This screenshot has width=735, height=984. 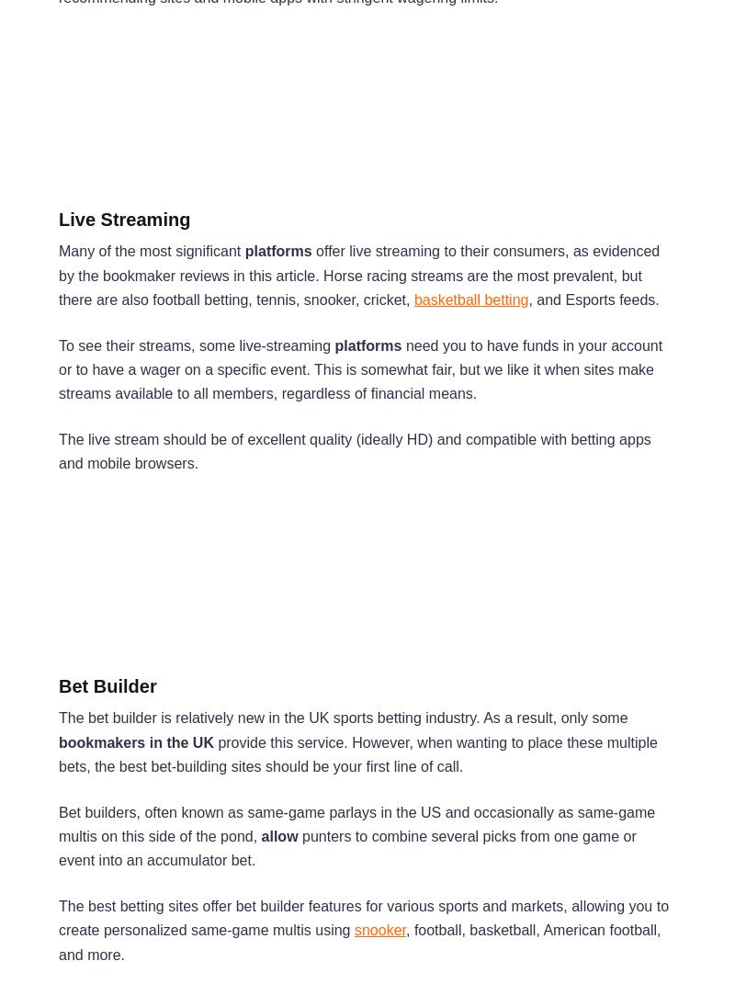 What do you see at coordinates (379, 930) in the screenshot?
I see `'snooker'` at bounding box center [379, 930].